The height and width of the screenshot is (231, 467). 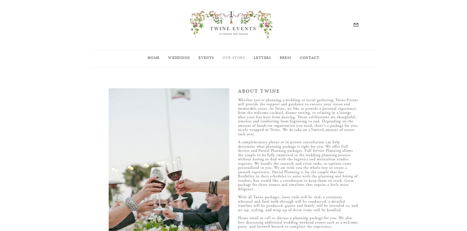 What do you see at coordinates (233, 61) in the screenshot?
I see `'OUR STORY'` at bounding box center [233, 61].